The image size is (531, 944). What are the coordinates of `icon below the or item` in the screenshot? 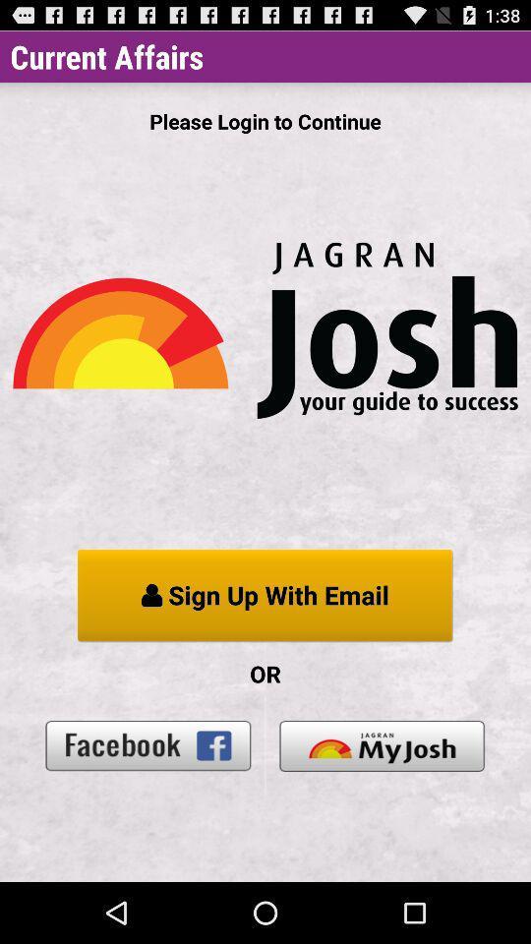 It's located at (147, 744).